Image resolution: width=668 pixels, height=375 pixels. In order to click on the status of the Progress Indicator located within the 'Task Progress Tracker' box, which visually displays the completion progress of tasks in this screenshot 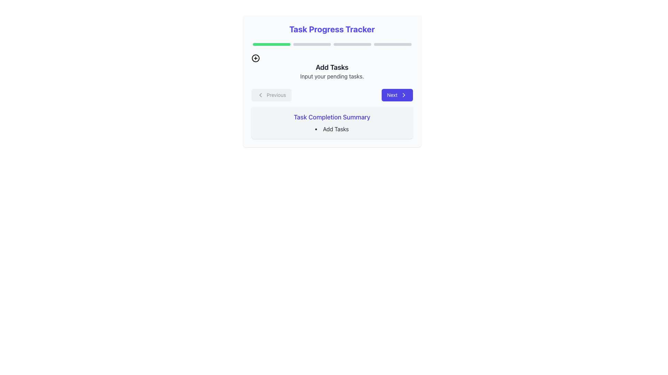, I will do `click(332, 44)`.